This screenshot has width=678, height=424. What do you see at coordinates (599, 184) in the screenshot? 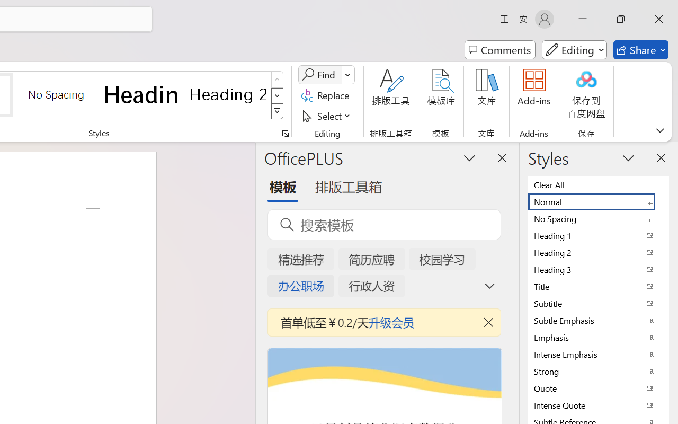
I see `'Clear All'` at bounding box center [599, 184].